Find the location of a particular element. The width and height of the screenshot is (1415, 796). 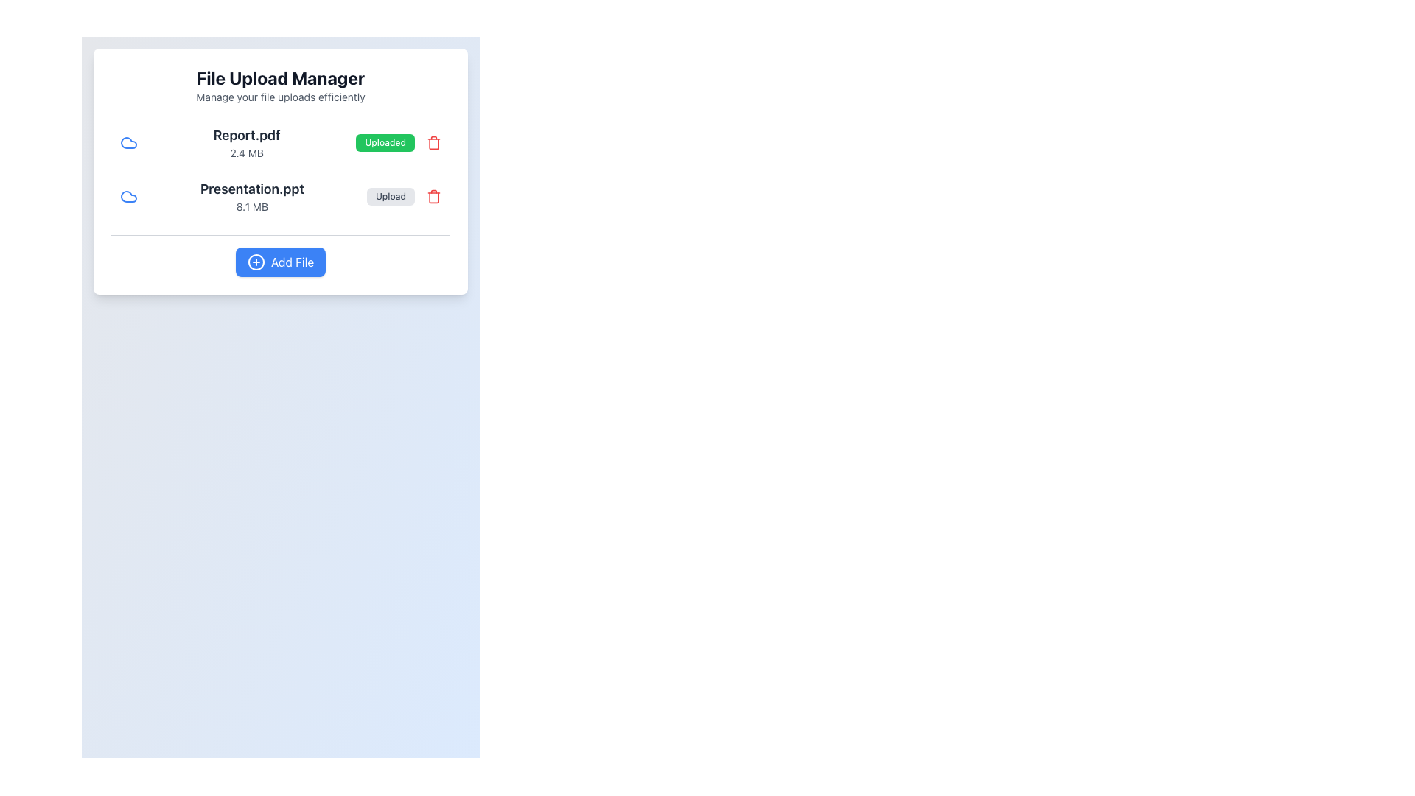

the upload status button for the file 'Report.pdf', which is located between the file size '2.4 MB' and a red trash icon is located at coordinates (385, 142).